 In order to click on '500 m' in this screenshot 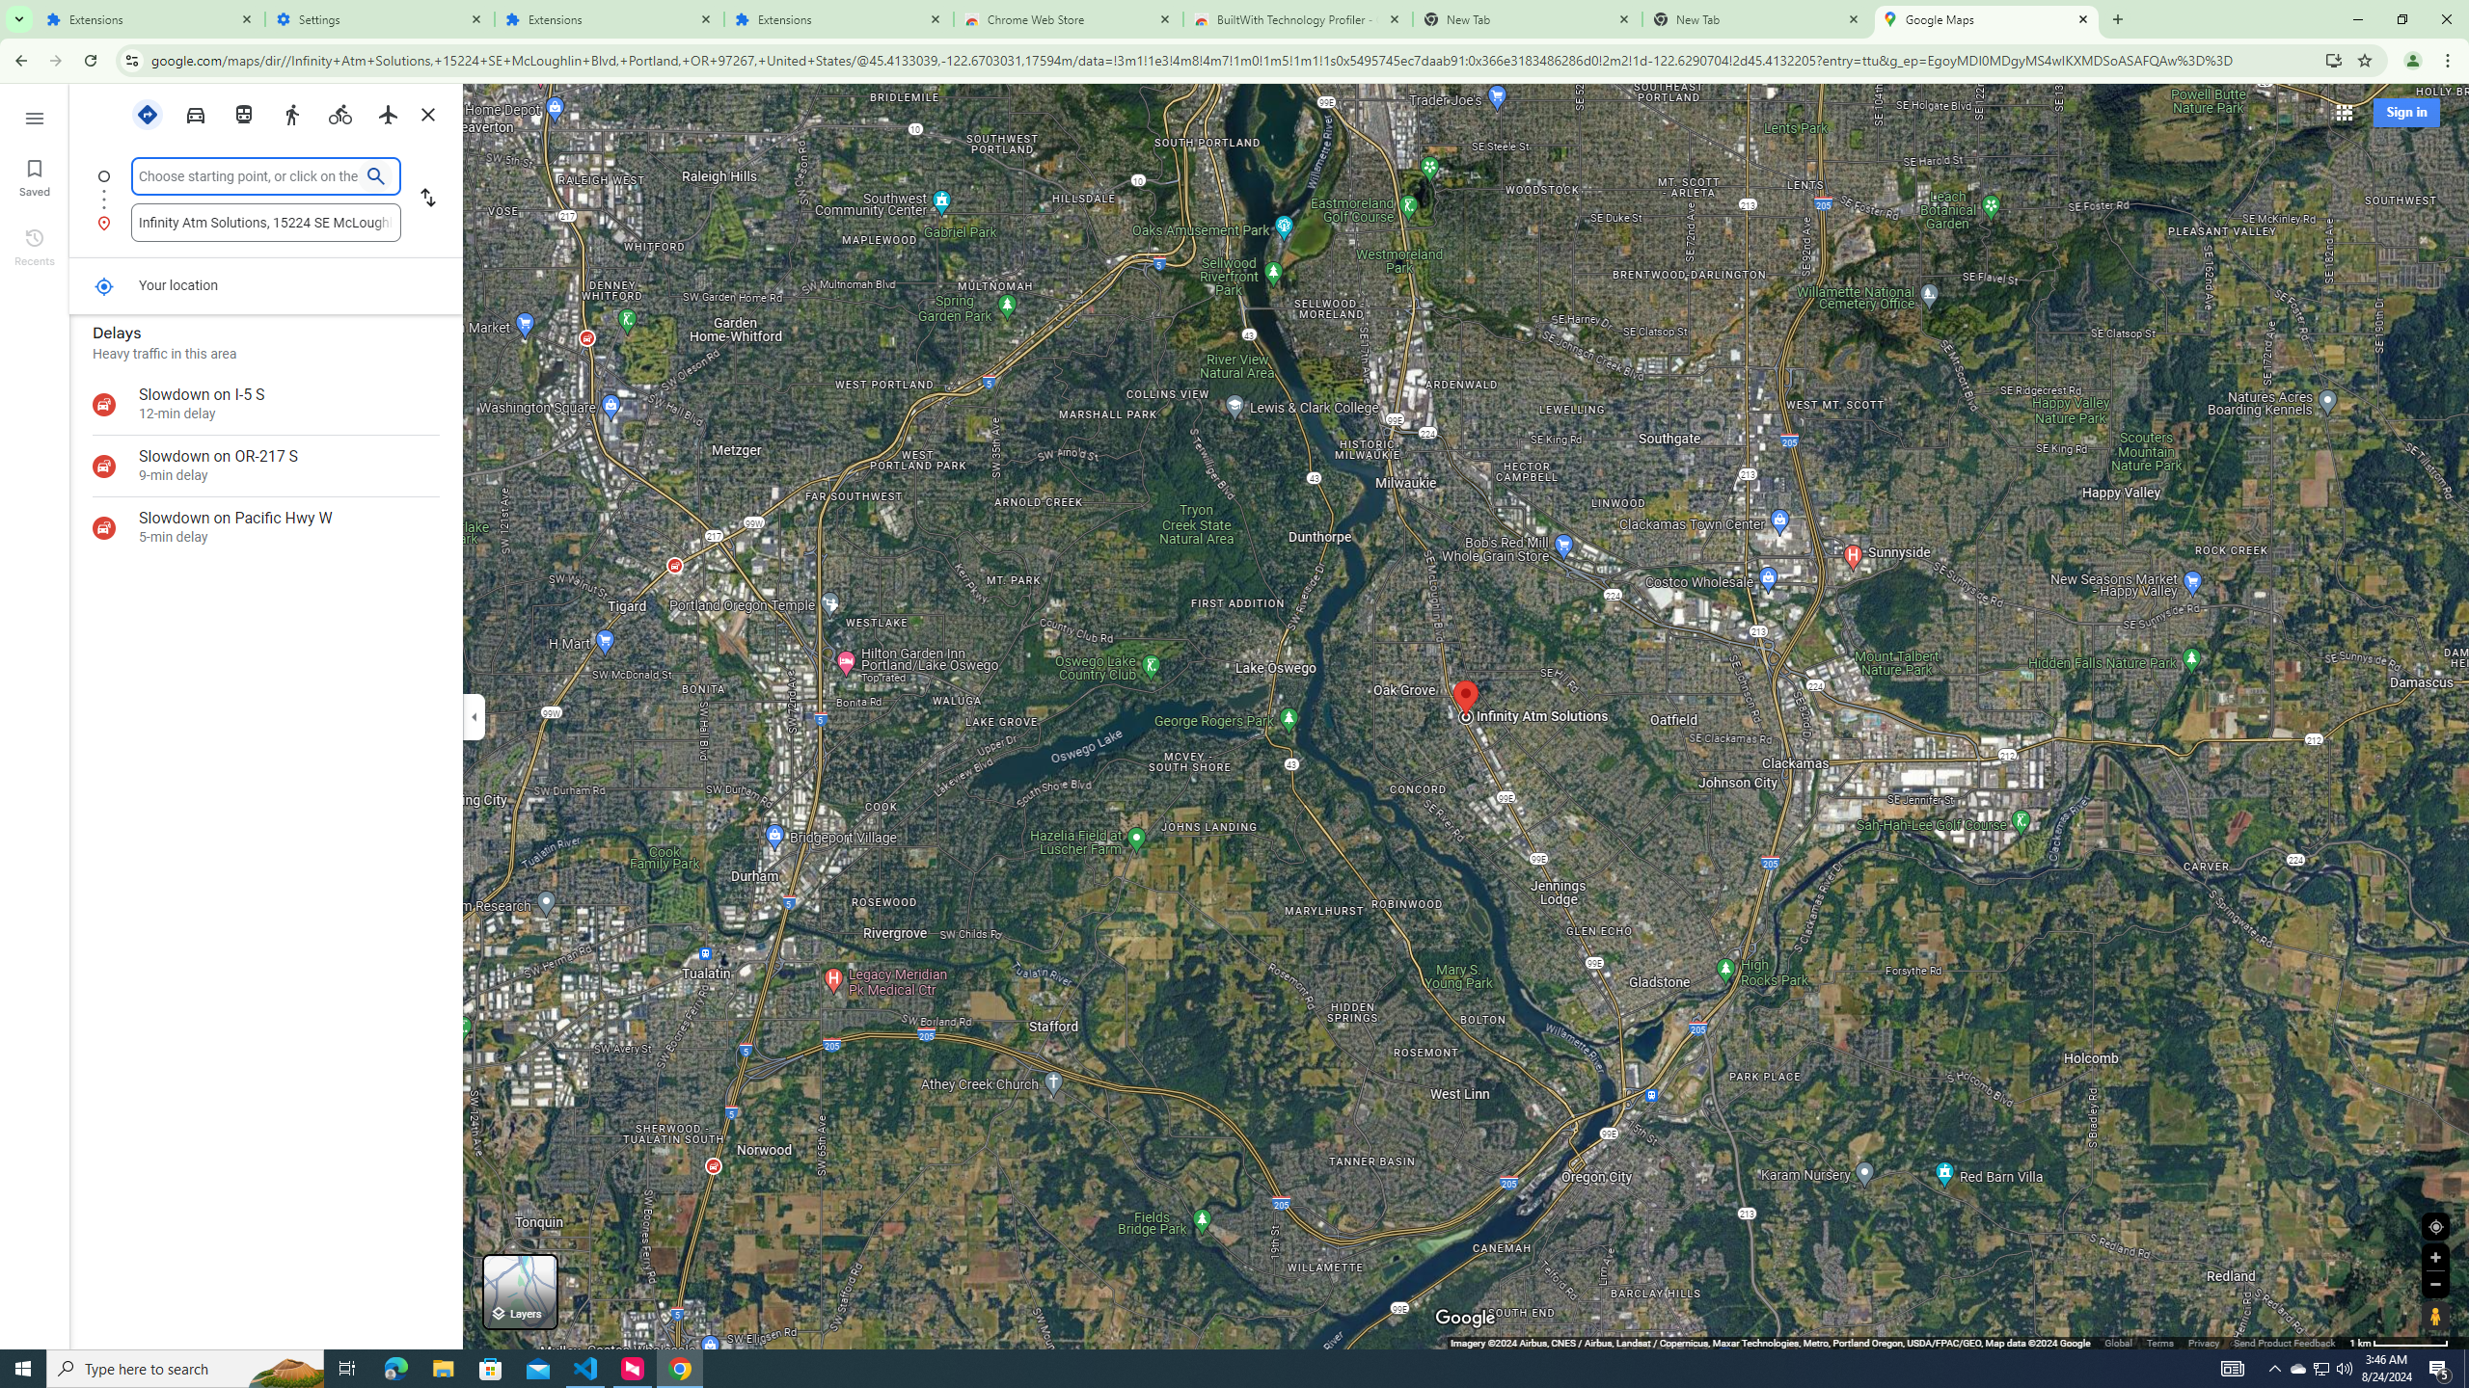, I will do `click(2399, 1343)`.